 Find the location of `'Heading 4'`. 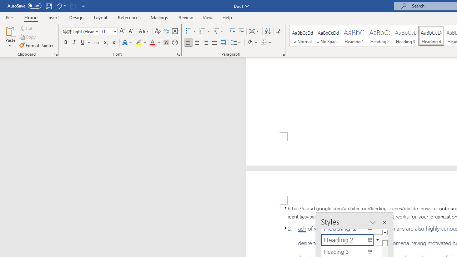

'Heading 4' is located at coordinates (431, 36).